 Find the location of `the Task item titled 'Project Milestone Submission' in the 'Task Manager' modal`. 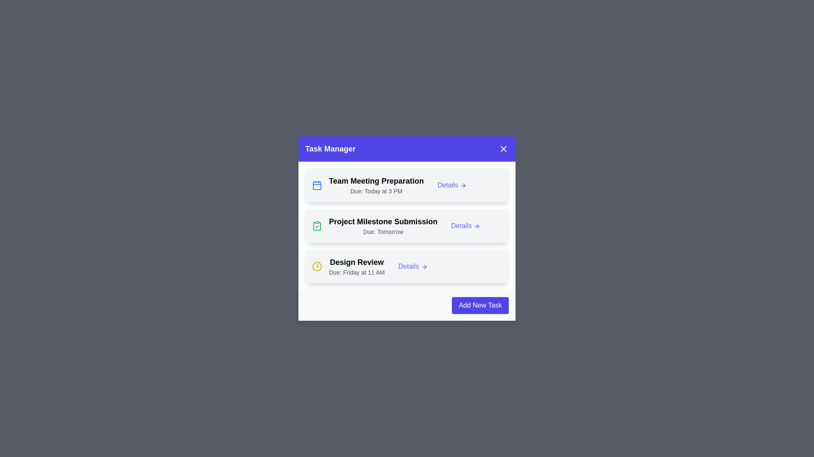

the Task item titled 'Project Milestone Submission' in the 'Task Manager' modal is located at coordinates (407, 225).